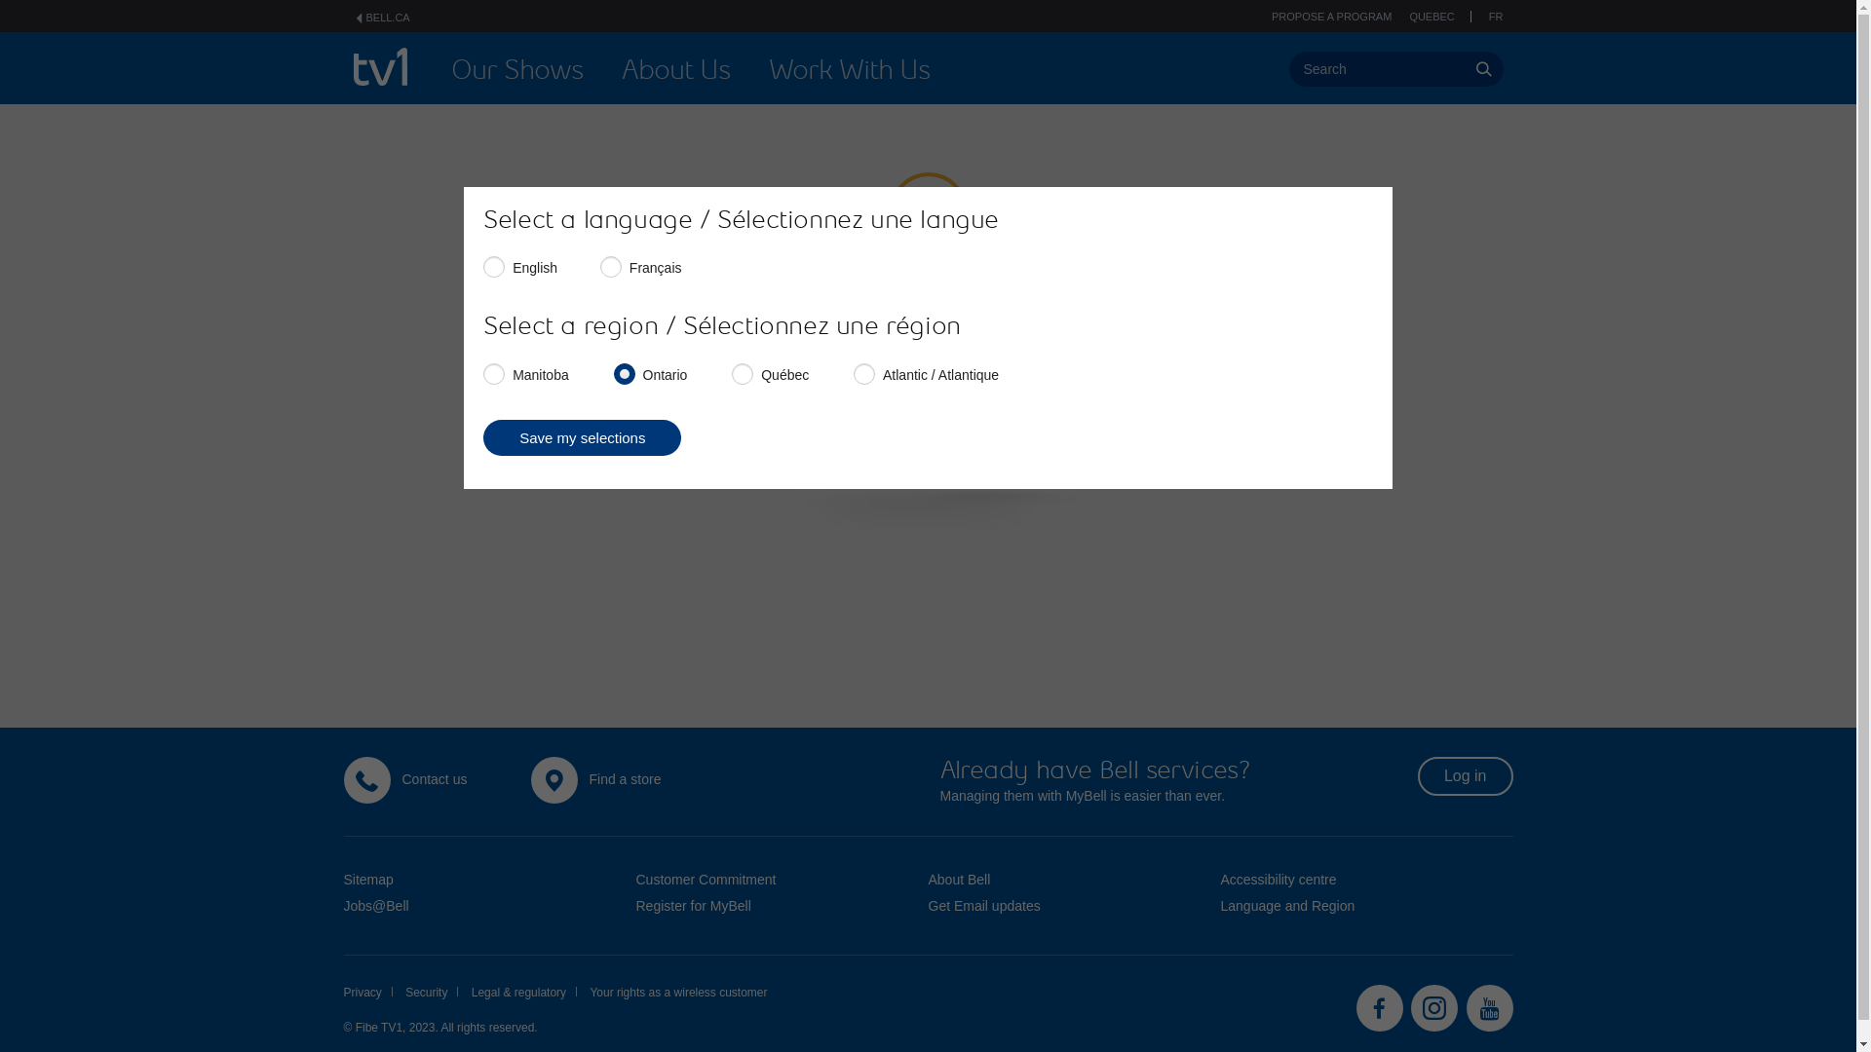  I want to click on 'About Us', so click(675, 68).